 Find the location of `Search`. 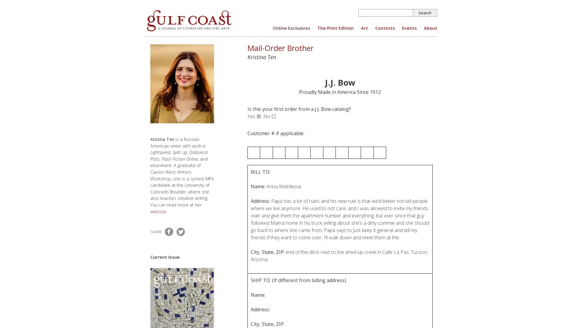

Search is located at coordinates (425, 13).